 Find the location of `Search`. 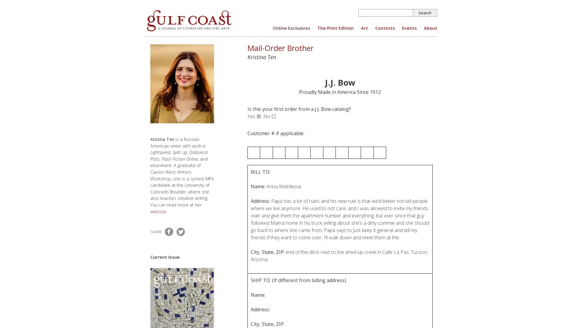

Search is located at coordinates (425, 13).